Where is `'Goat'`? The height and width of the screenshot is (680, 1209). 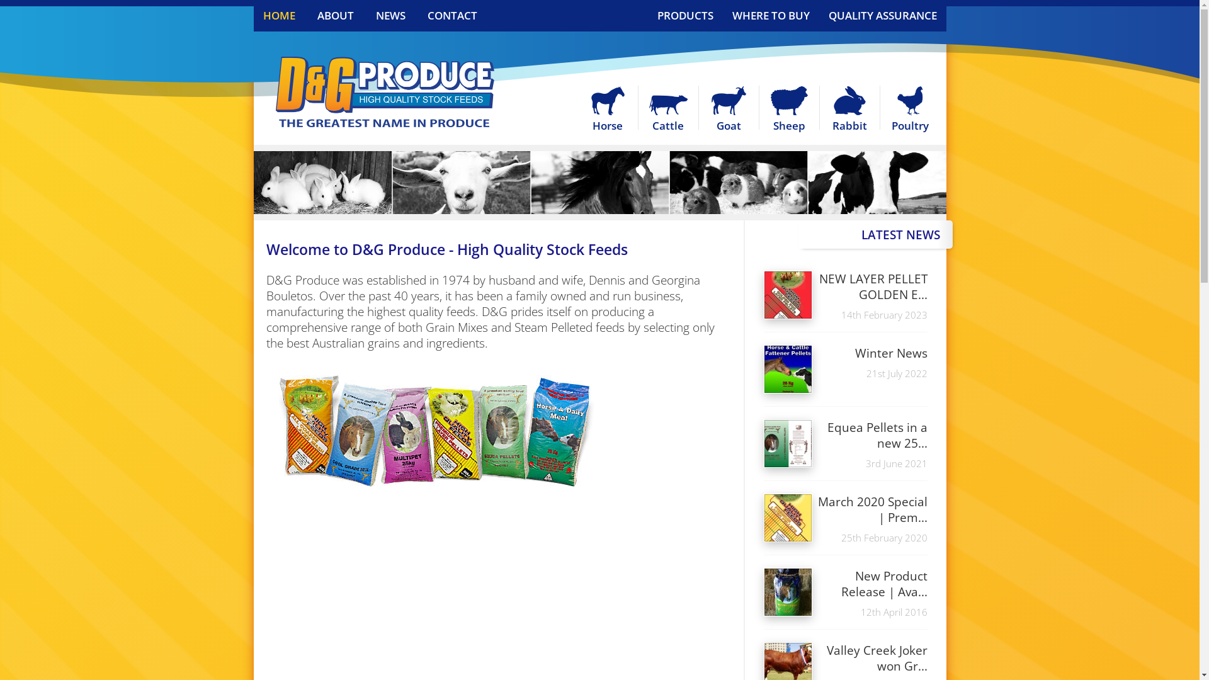 'Goat' is located at coordinates (729, 109).